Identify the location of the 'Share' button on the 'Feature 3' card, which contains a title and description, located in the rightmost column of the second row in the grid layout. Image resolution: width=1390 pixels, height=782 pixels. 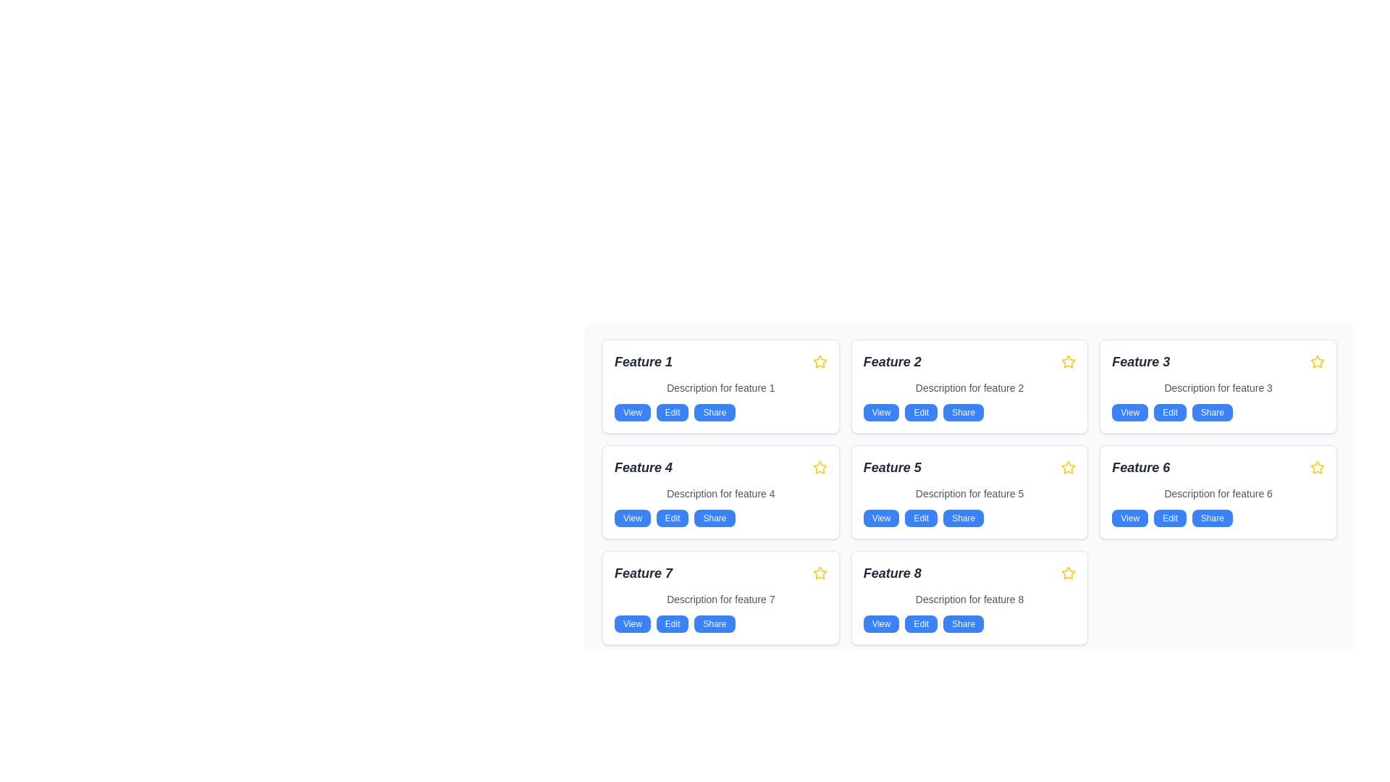
(1218, 385).